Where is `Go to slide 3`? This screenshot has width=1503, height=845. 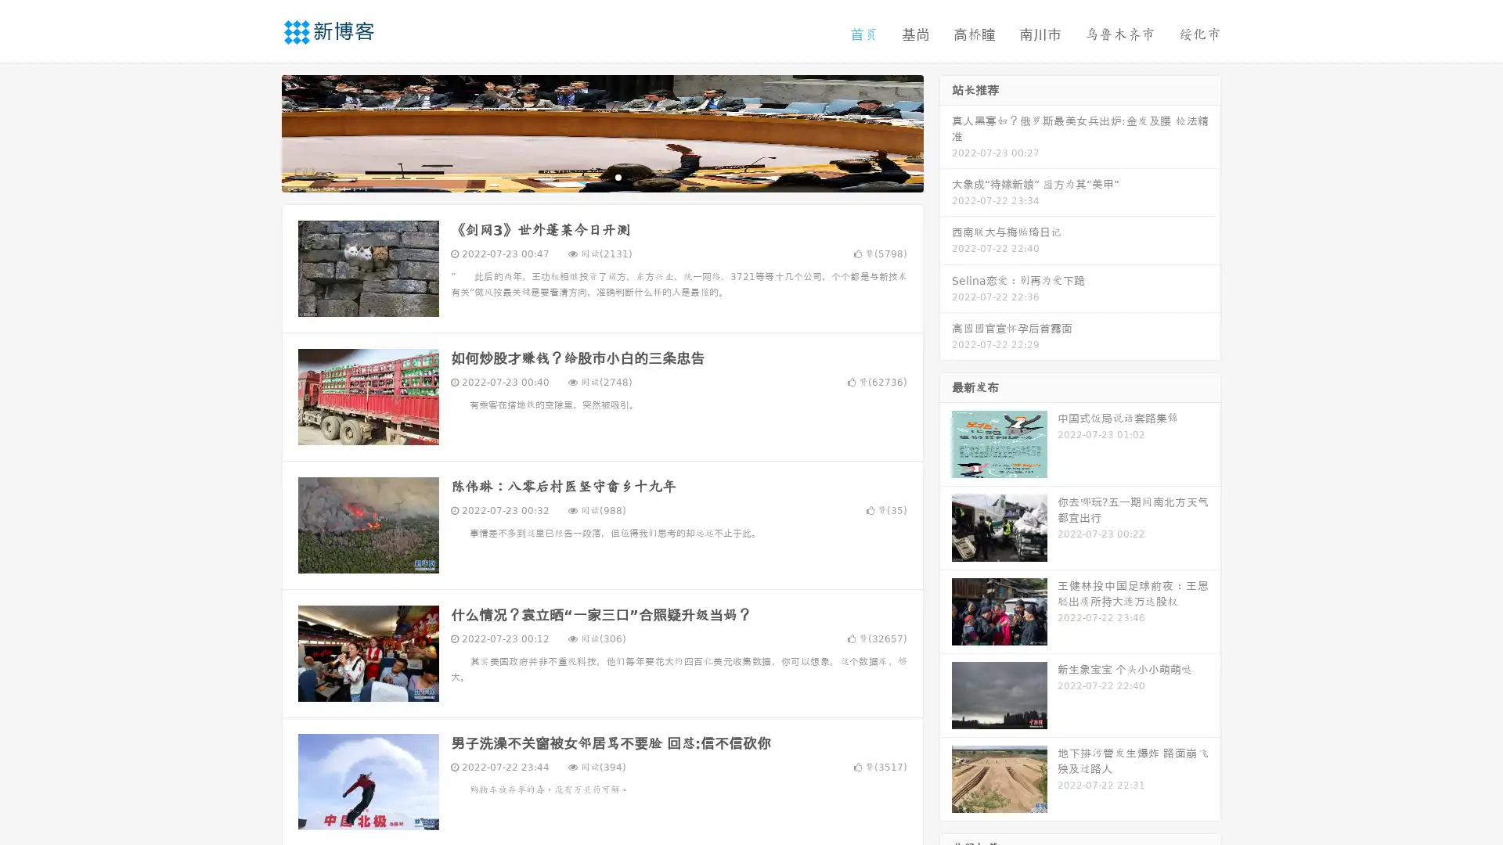 Go to slide 3 is located at coordinates (618, 176).